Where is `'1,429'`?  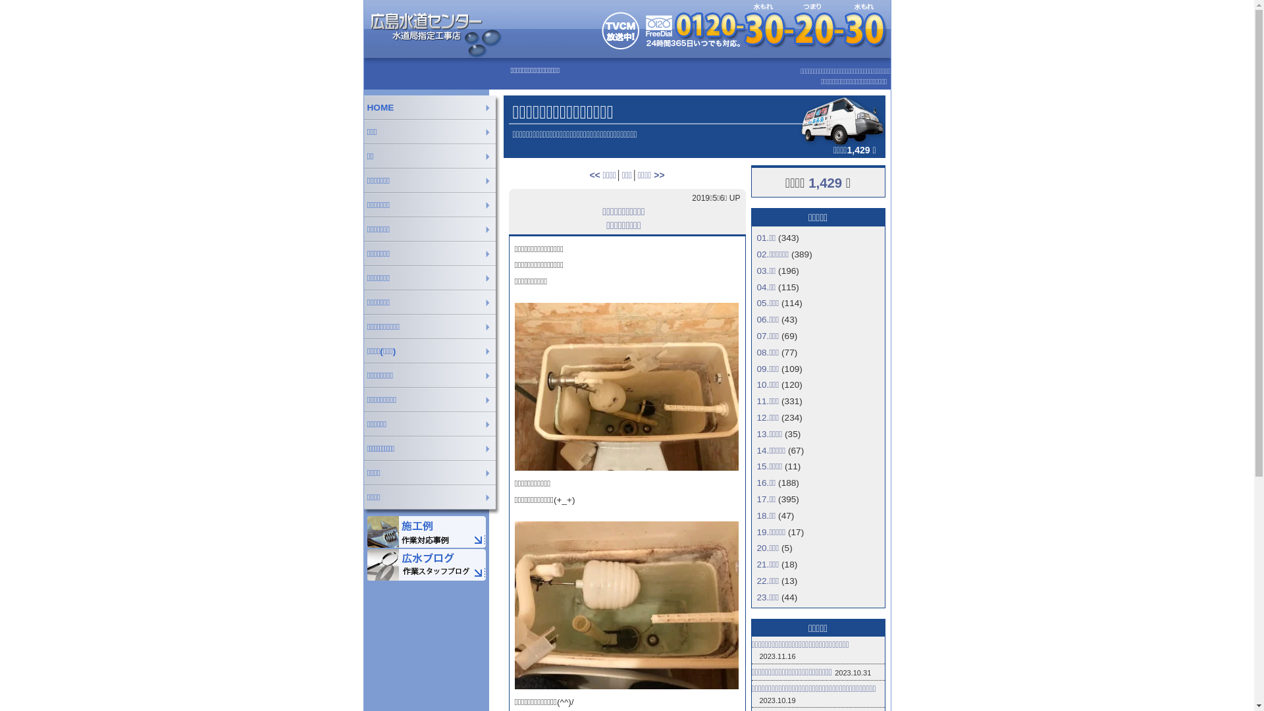 '1,429' is located at coordinates (824, 182).